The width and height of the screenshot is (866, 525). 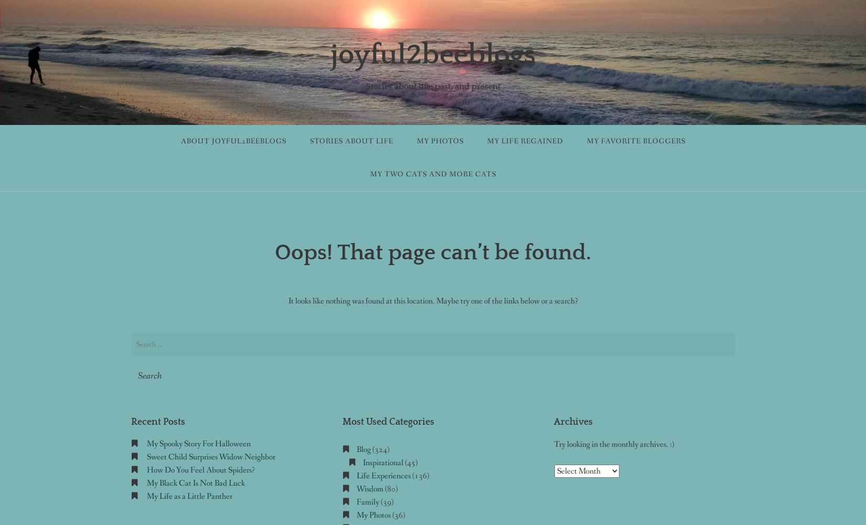 I want to click on 'Sweet Child Surprises Widow Neighbor', so click(x=210, y=456).